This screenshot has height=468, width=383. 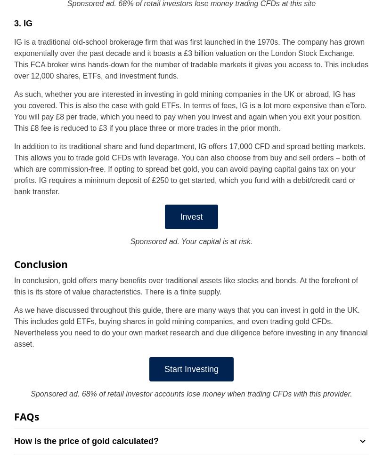 I want to click on 'IG is a traditional old-school brokerage firm that was first launched in the 1970s. The company has grown exponentially over the past decade and it boasts a £3 billion valuation on the London Stock Exchange. This FCA broker wins hands-down for the number of tradable markets it gives you access to. This includes over 12,000 shares, ETFs, and investment funds.', so click(x=13, y=58).